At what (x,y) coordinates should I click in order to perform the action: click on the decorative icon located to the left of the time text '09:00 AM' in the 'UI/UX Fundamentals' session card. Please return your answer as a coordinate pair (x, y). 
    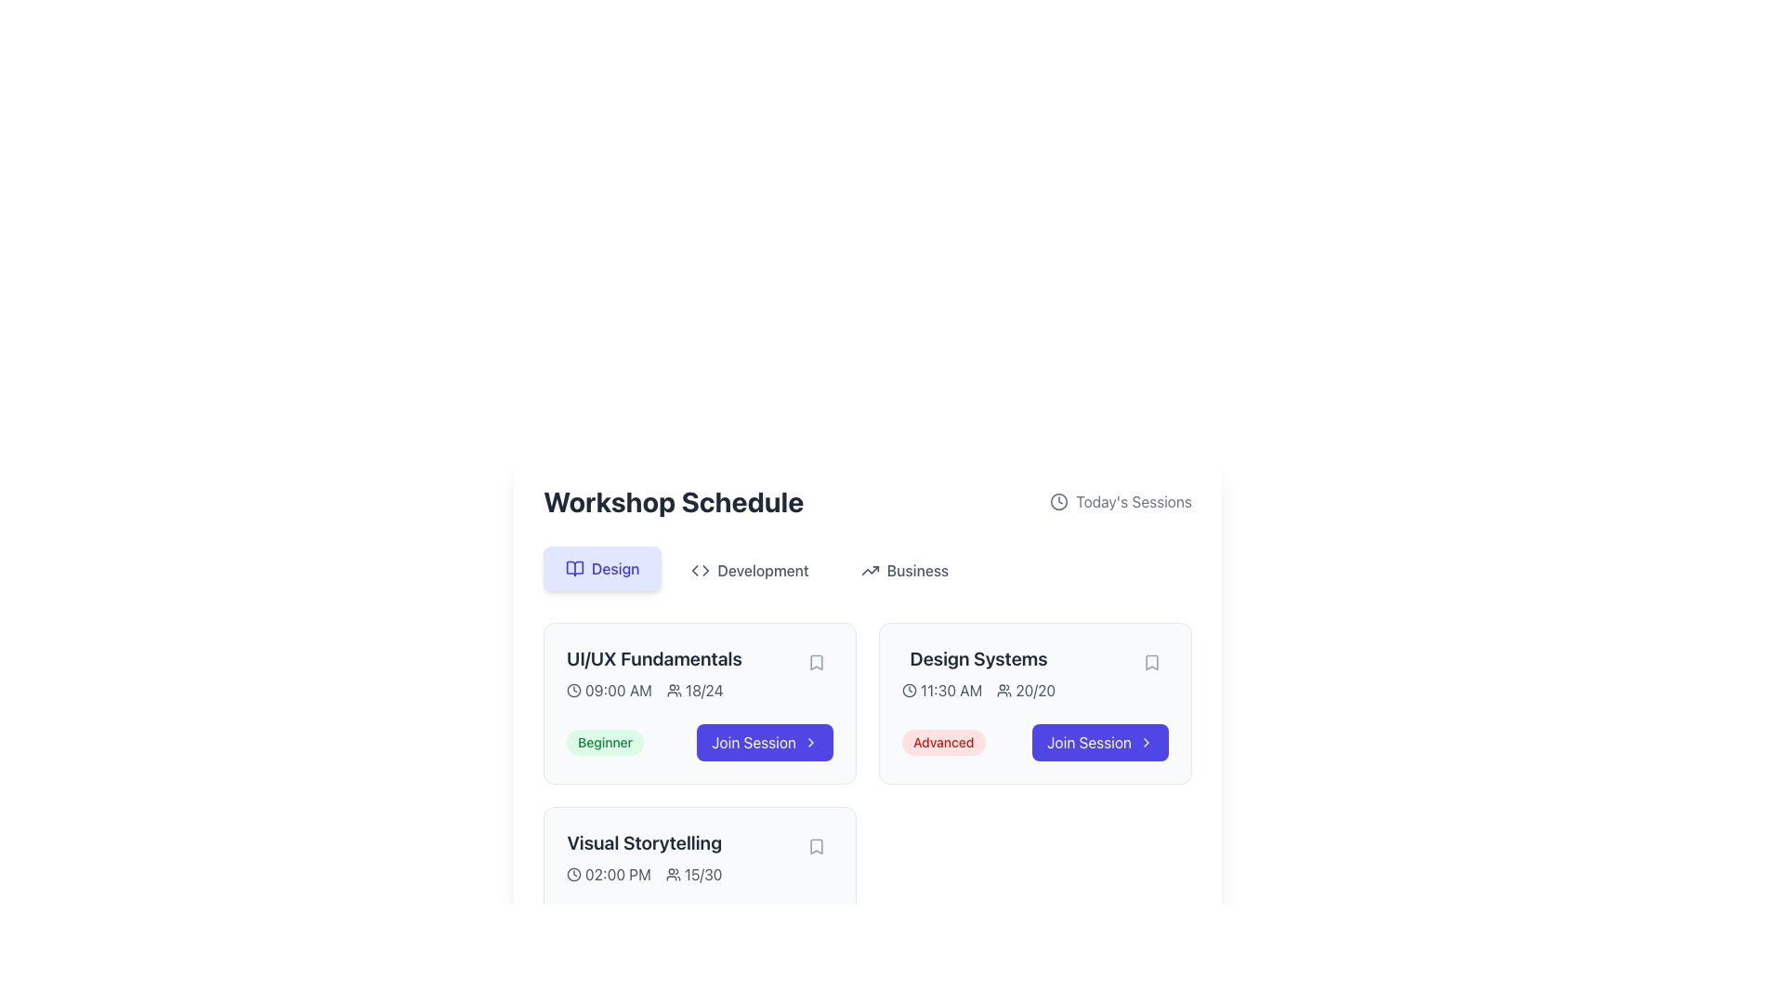
    Looking at the image, I should click on (573, 691).